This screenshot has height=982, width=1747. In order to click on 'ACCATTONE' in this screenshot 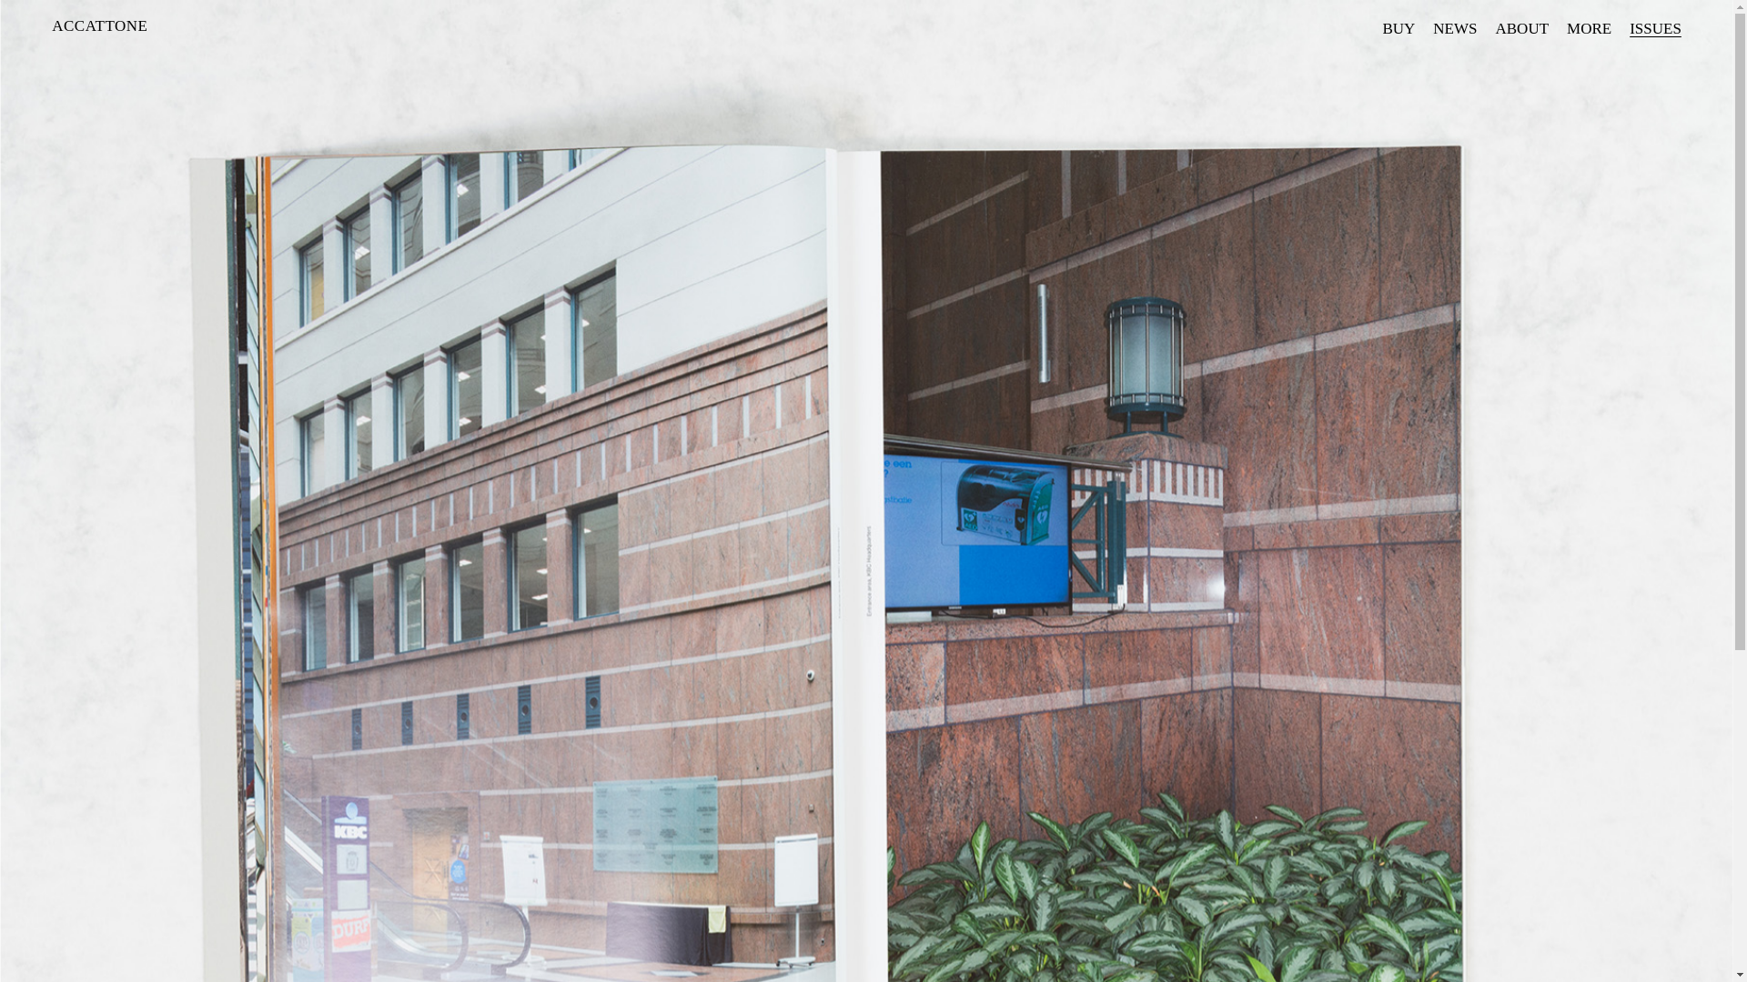, I will do `click(98, 25)`.